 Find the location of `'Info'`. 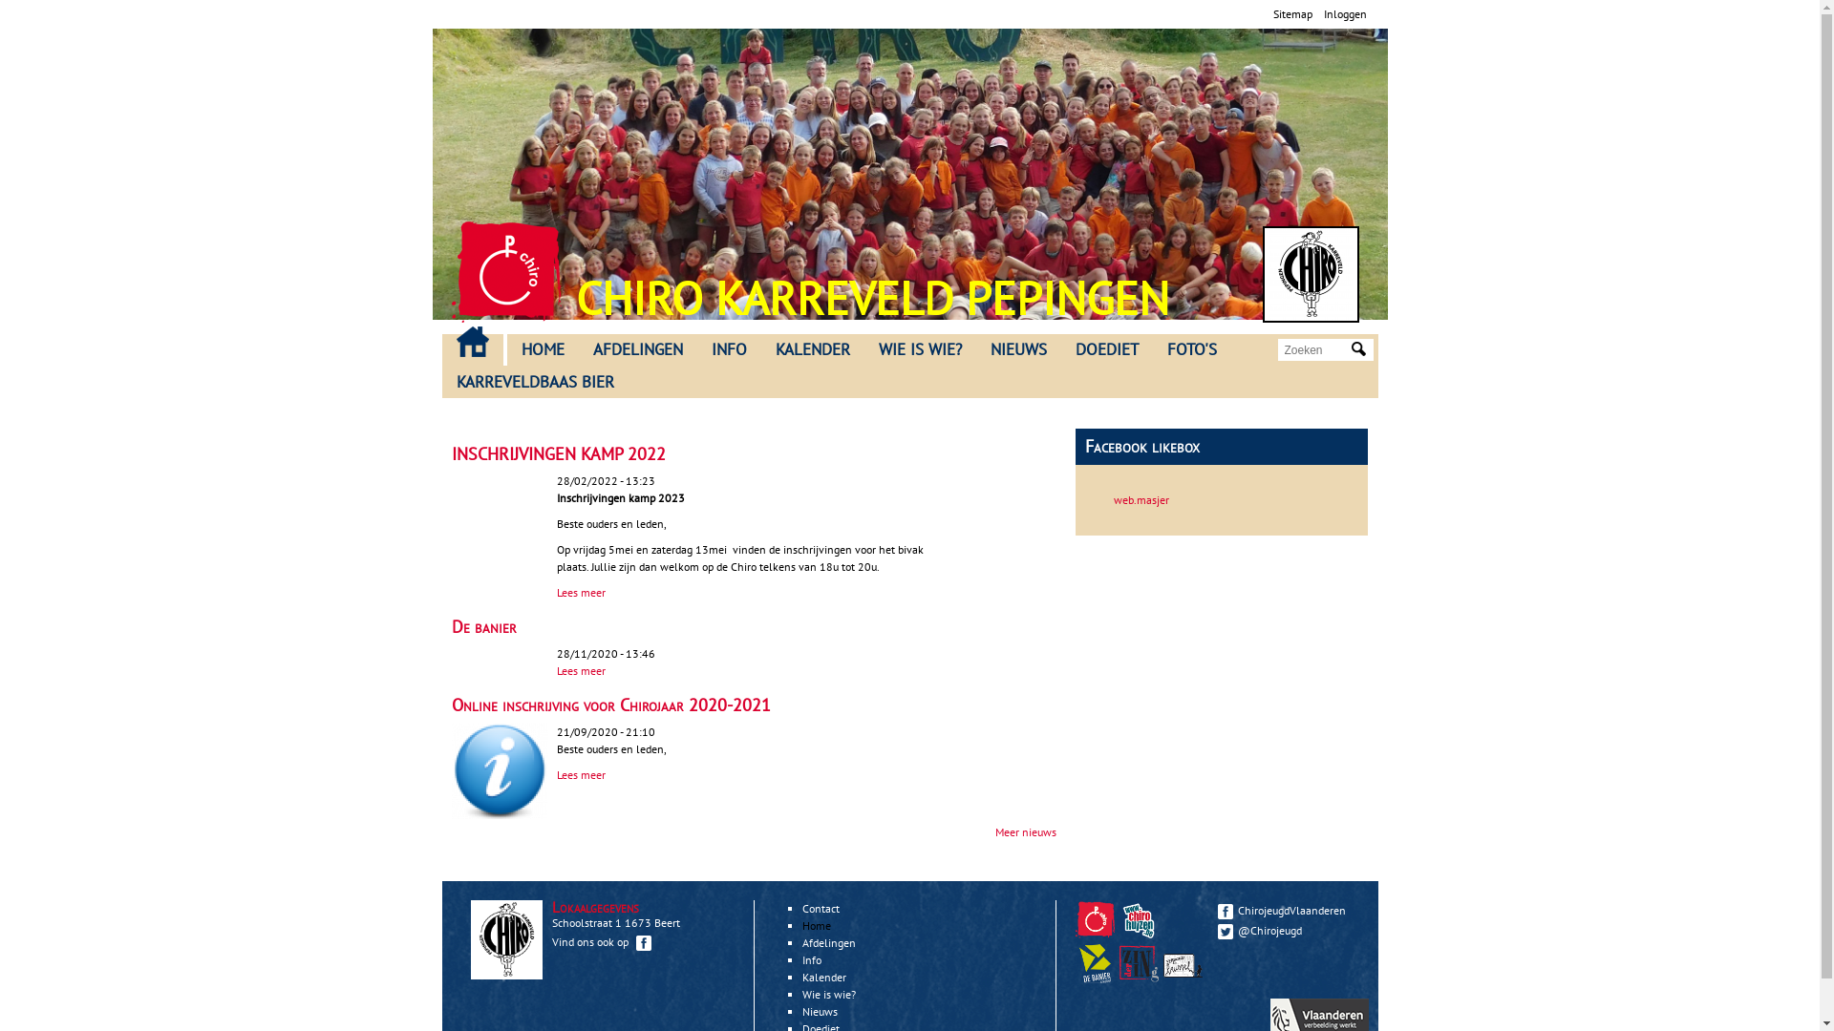

'Info' is located at coordinates (811, 959).